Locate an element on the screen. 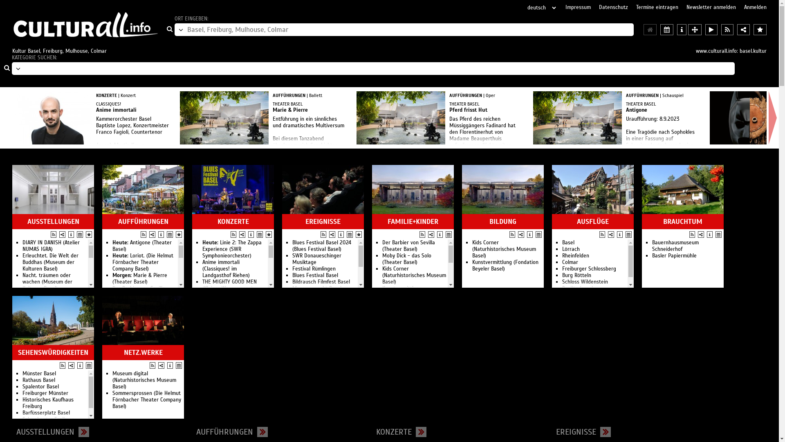 The width and height of the screenshot is (785, 442). 'Kids Corner (Naturhistorisches Museum Basel)' is located at coordinates (414, 275).